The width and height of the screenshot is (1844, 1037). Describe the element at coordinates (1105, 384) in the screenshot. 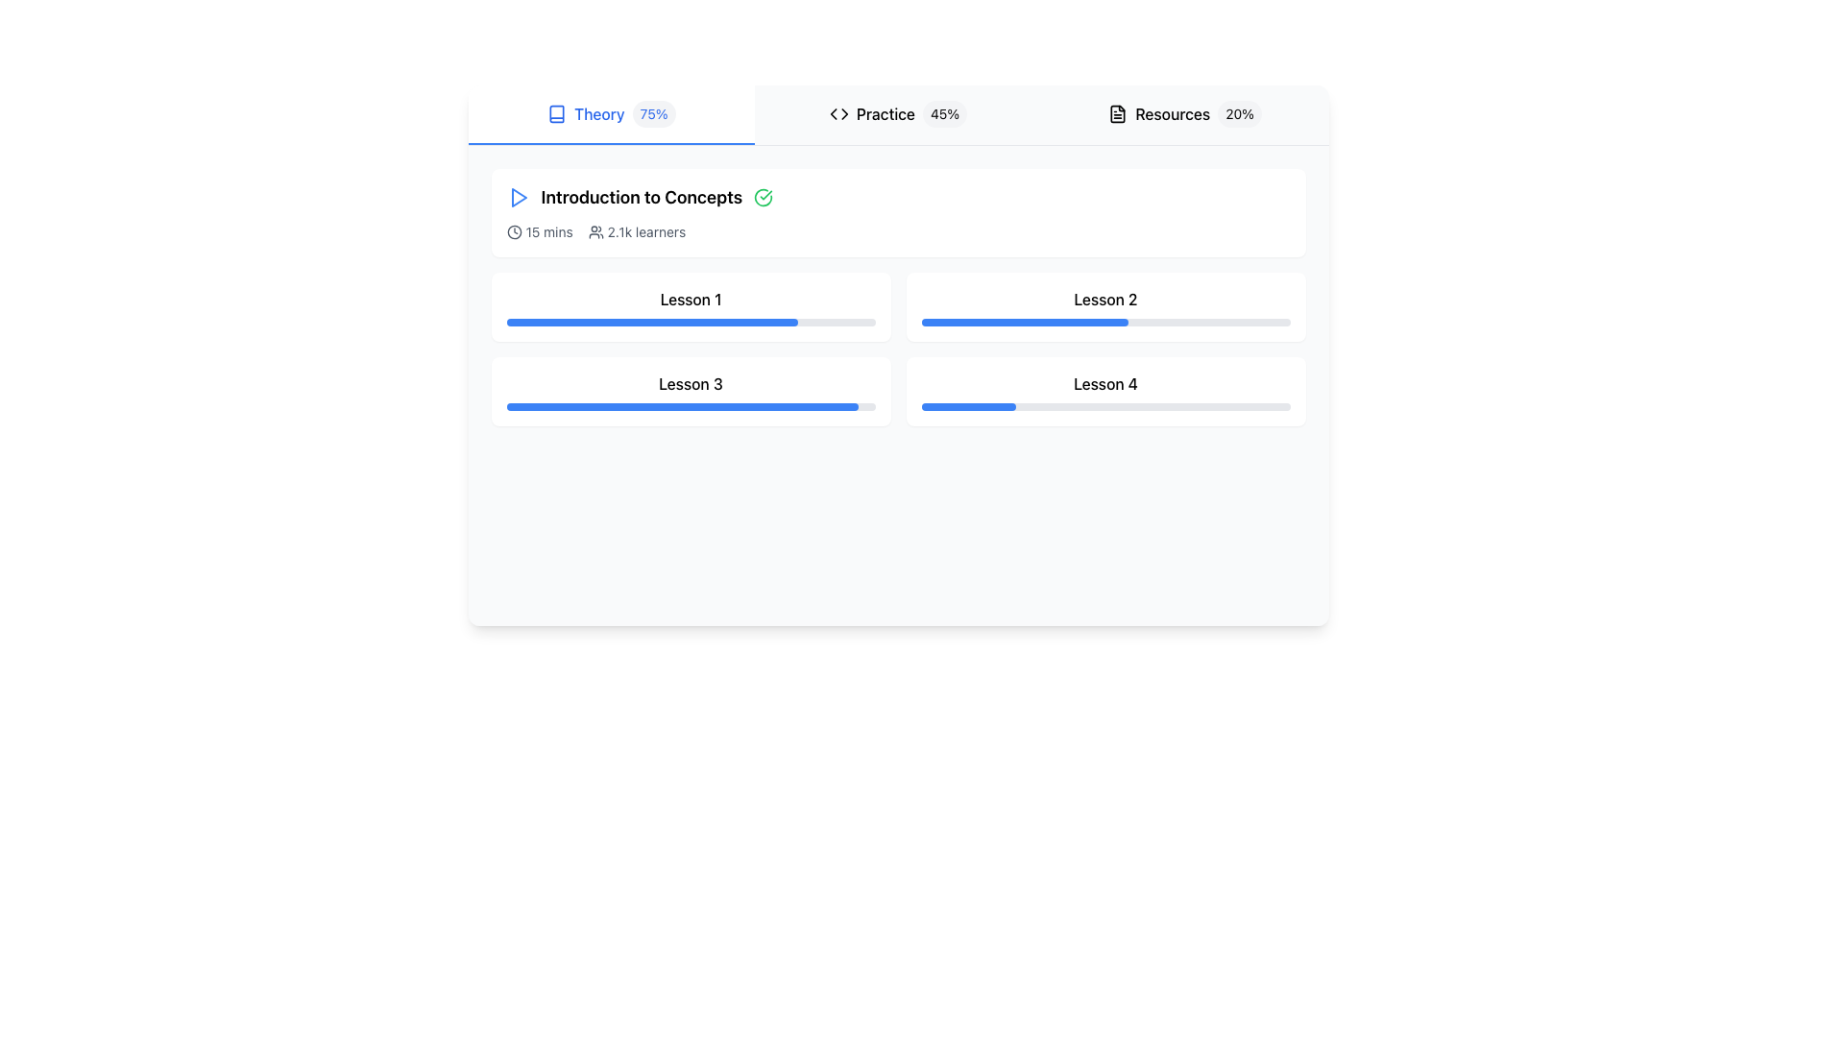

I see `the text label that serves as the title for the lesson card located in the bottom-right corner of the grid, which is the fourth element in the sequence` at that location.